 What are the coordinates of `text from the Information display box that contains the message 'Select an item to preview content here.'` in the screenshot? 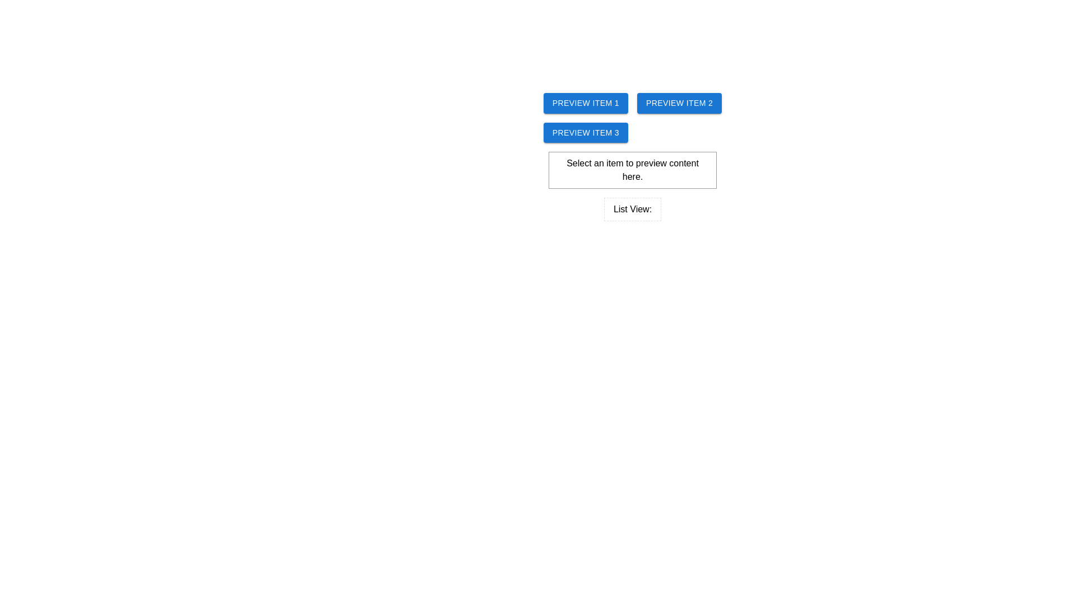 It's located at (632, 170).